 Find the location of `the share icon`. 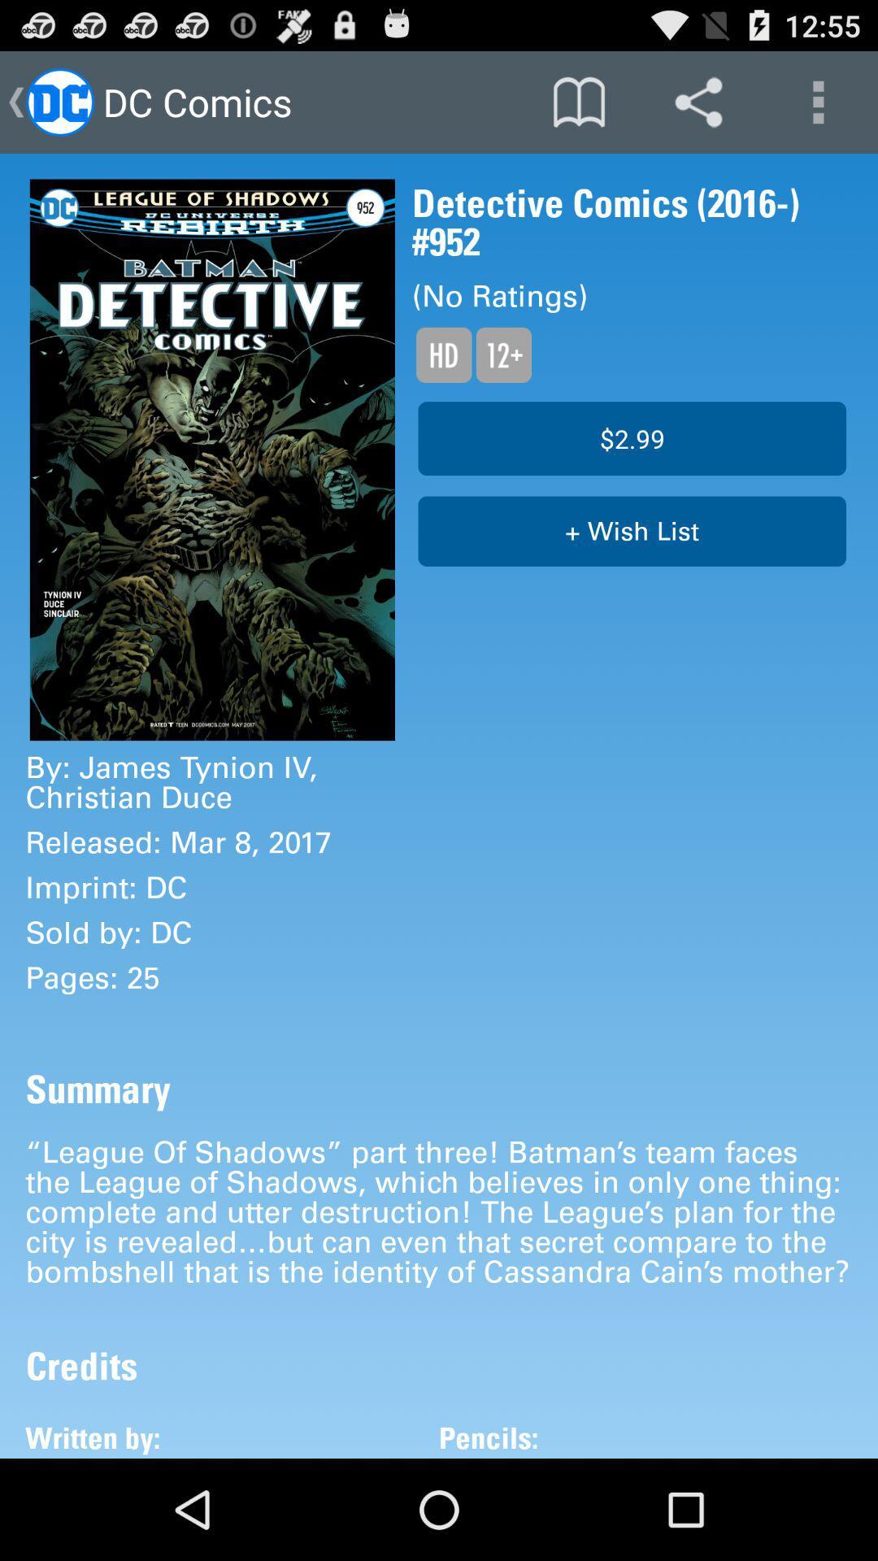

the share icon is located at coordinates (698, 101).